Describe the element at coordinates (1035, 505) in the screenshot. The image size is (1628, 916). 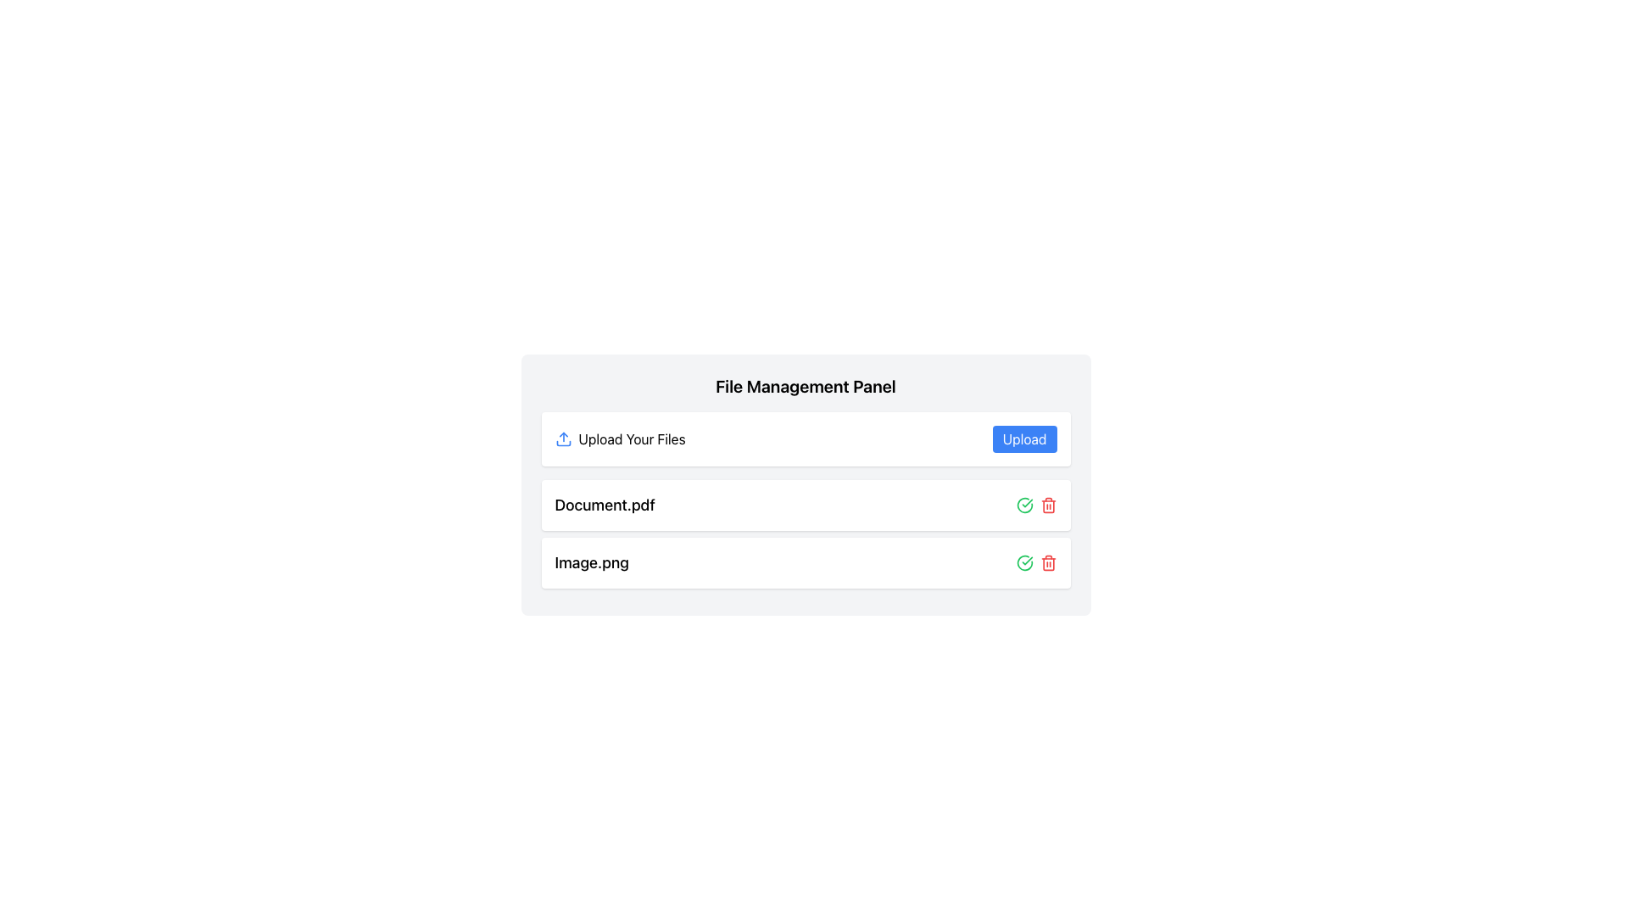
I see `the green checkmark icon in the file management panel to confirm or view the status of the file 'Document.pdf'` at that location.